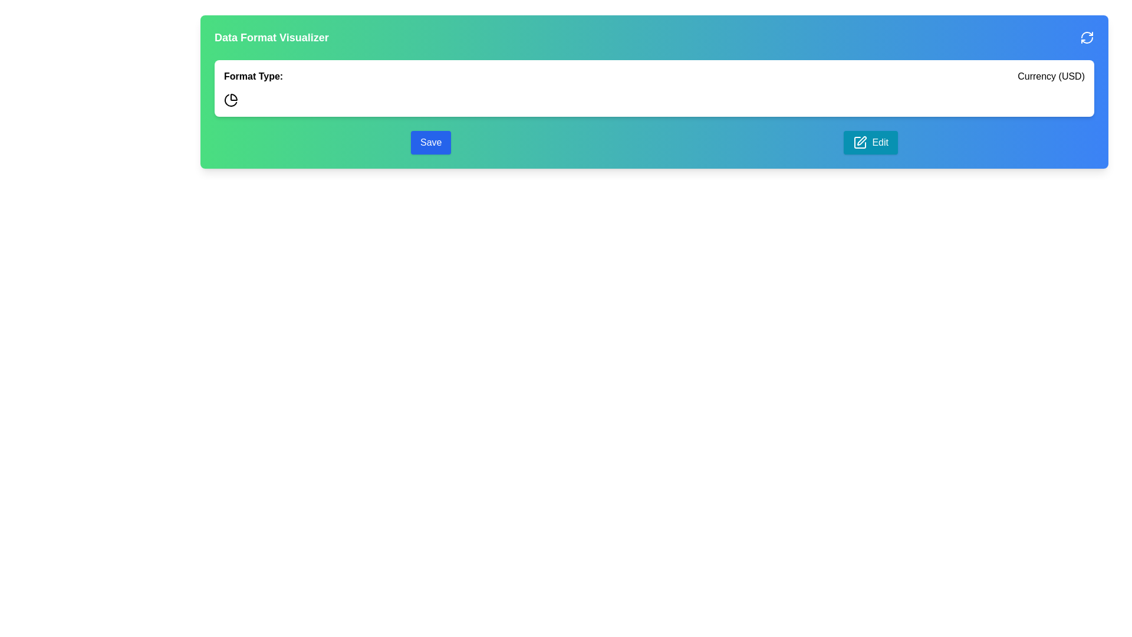 This screenshot has width=1132, height=637. I want to click on text from the prominent header labeled 'Data Format Visualizer' displayed in white on a green gradient background at the top-left corner of the interface, so click(271, 37).